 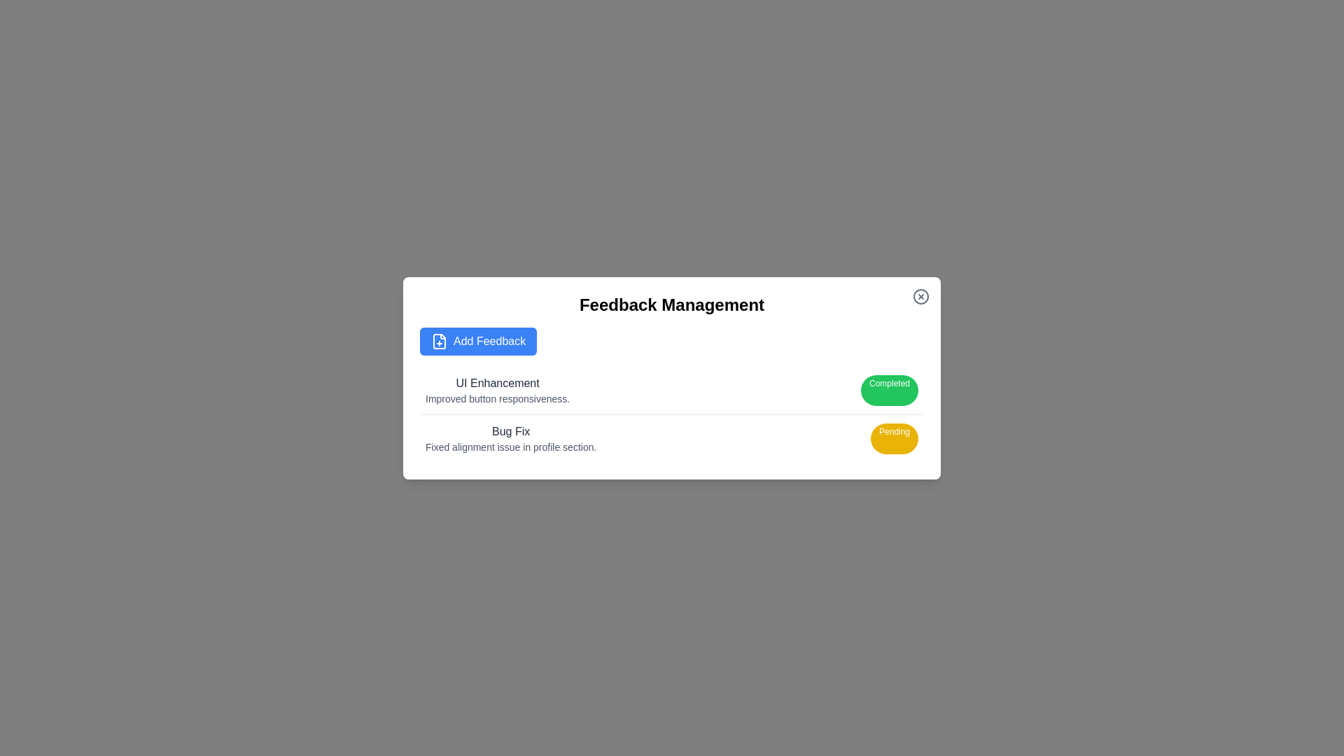 I want to click on the close button located in the top-right corner of the 'Feedback Management' dialog to trigger hover effects, so click(x=920, y=295).